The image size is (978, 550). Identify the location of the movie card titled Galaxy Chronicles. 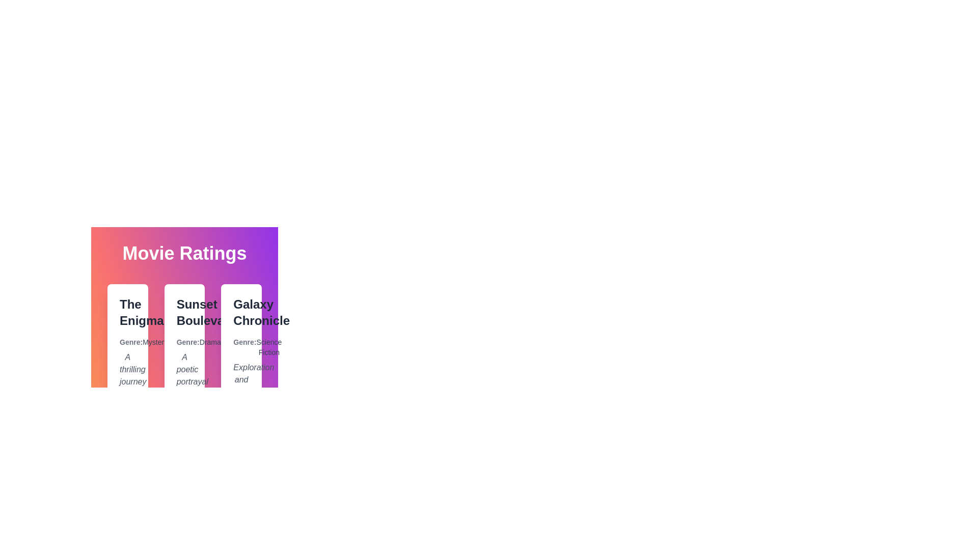
(241, 381).